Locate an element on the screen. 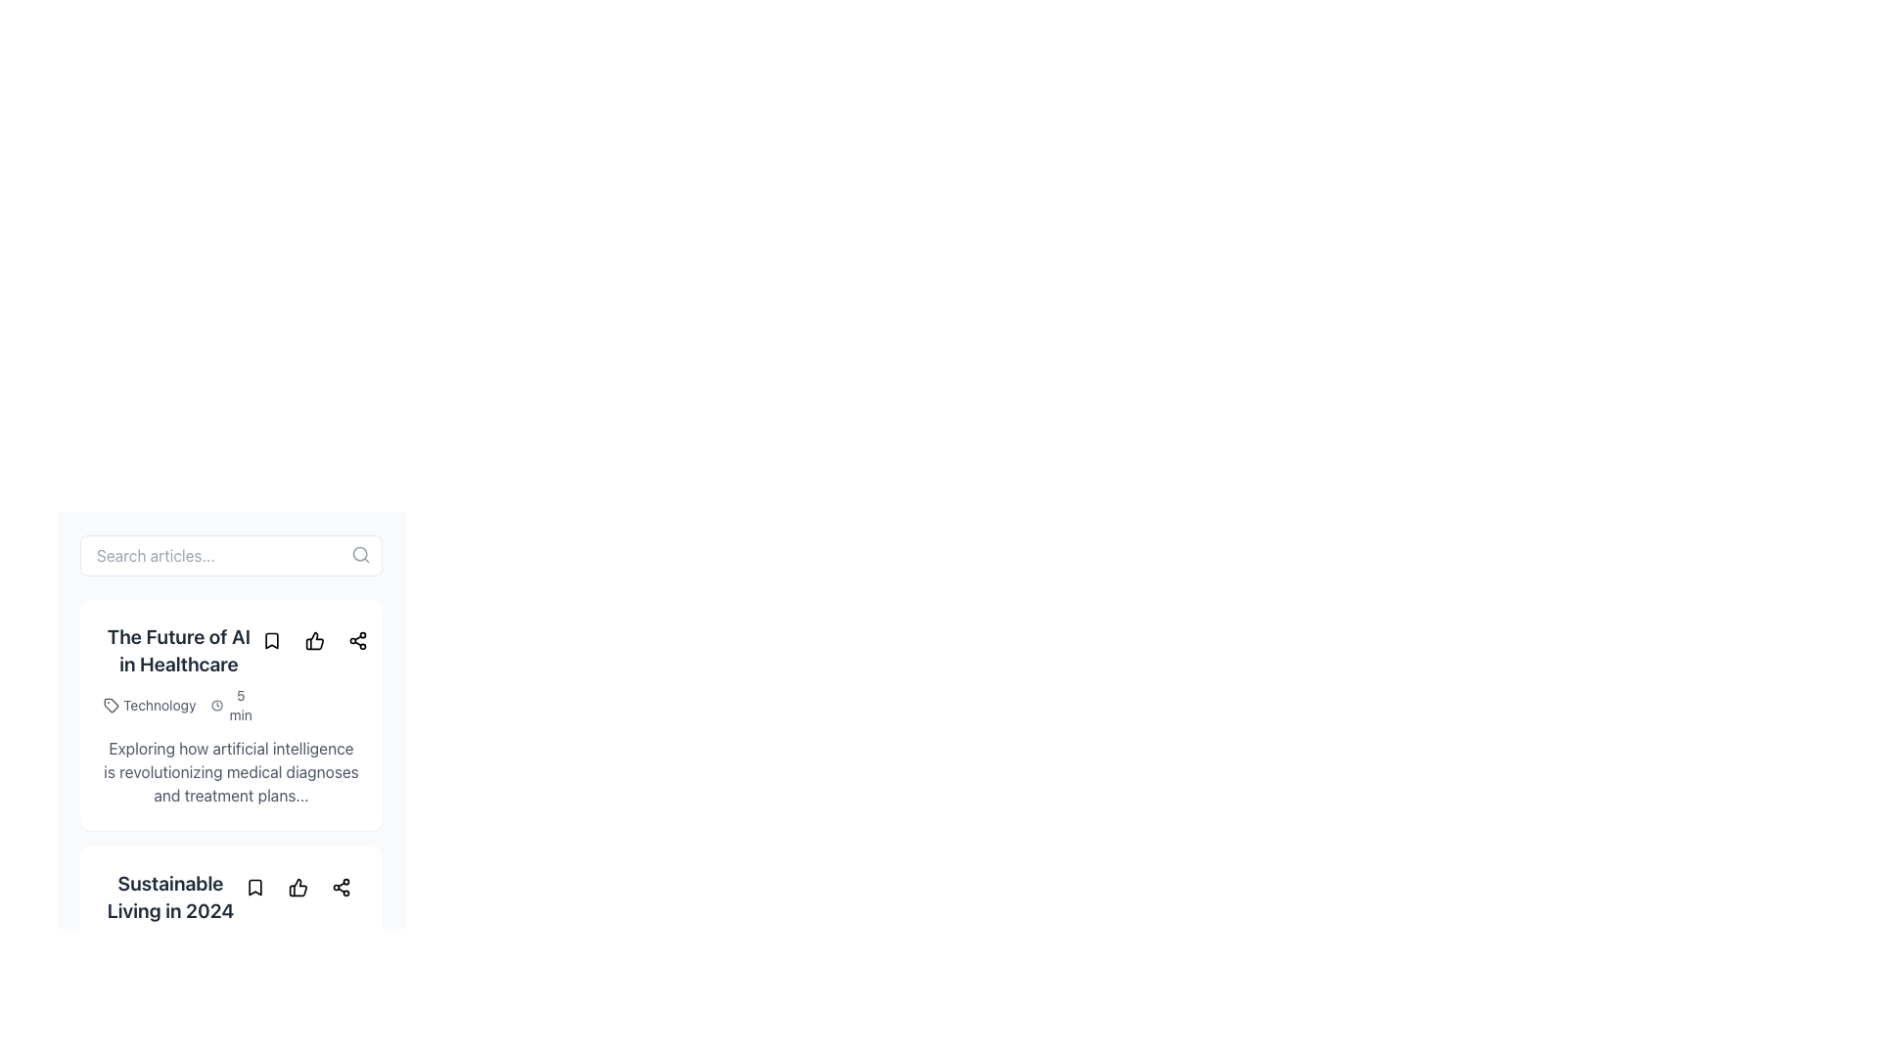  the bookmark icon located to the left of the like and share buttons within the article card for 'The Future of AI in Healthcare' is located at coordinates (270, 641).